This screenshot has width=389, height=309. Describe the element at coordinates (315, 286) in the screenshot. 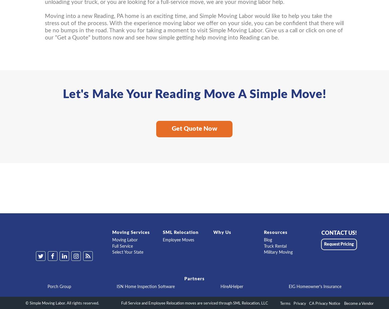

I see `'EIG Homeowner's Insurance'` at that location.